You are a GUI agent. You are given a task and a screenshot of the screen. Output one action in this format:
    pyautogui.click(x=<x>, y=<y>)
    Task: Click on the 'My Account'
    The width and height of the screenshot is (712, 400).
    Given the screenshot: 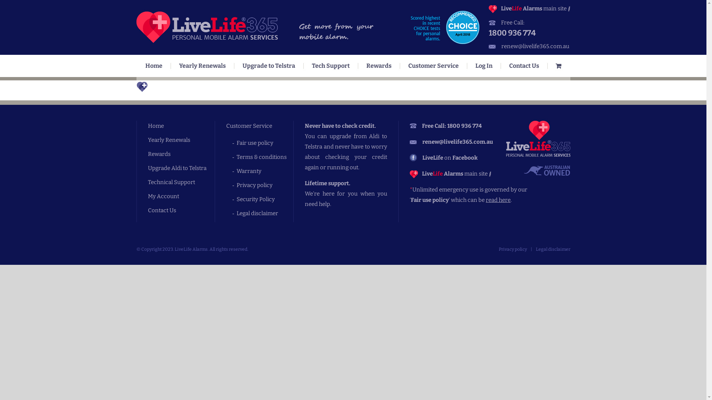 What is the action you would take?
    pyautogui.click(x=181, y=196)
    